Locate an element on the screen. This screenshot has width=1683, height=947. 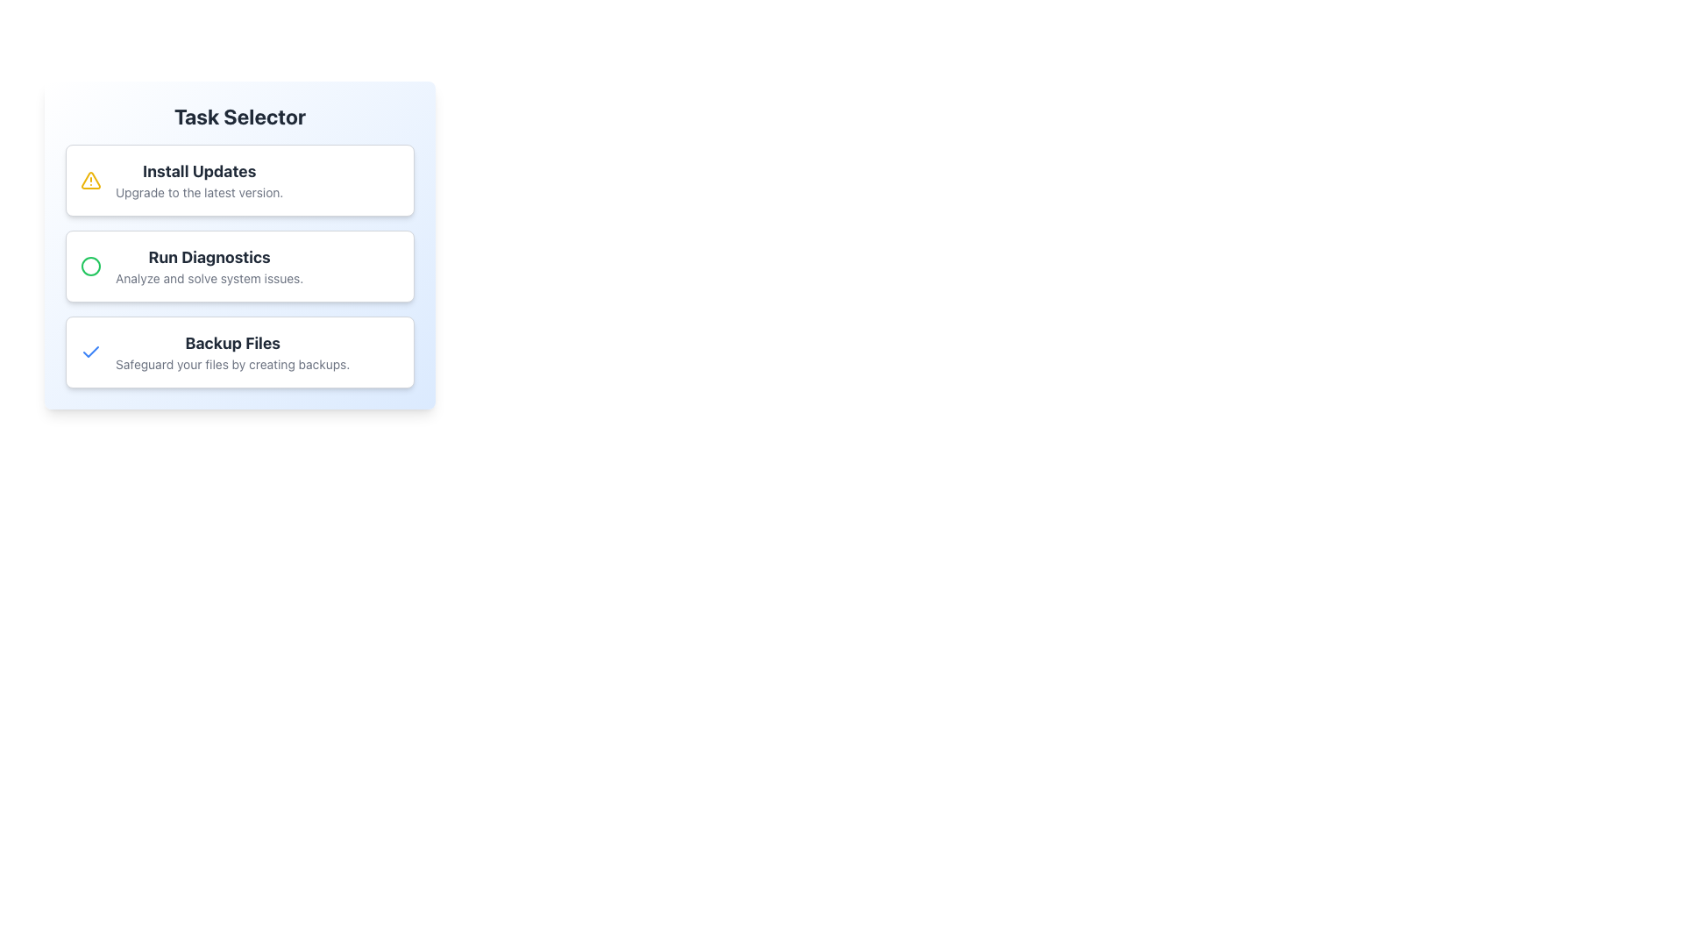
the checkmark icon styled with a bold, blue stroke, located in the left section of the 'Backup Files' button group, near its top-left sector is located at coordinates (90, 352).